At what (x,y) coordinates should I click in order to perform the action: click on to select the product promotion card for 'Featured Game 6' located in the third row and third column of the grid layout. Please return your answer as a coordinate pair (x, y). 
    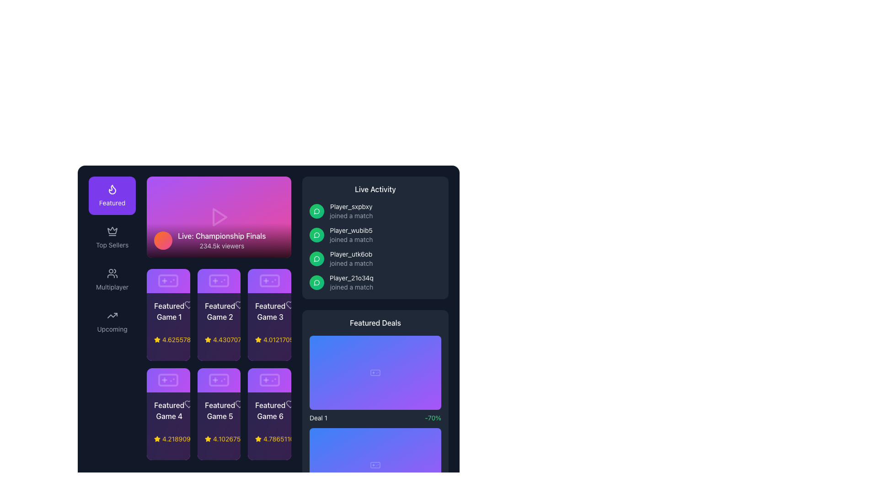
    Looking at the image, I should click on (269, 414).